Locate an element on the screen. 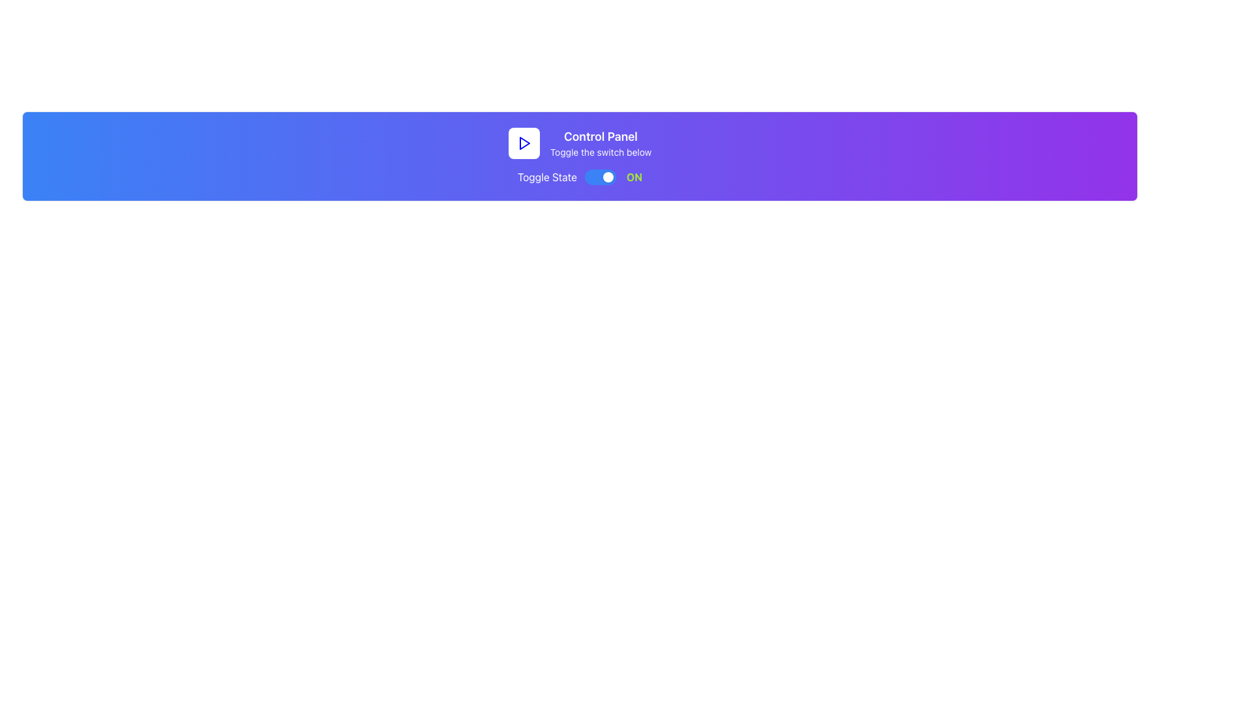 Image resolution: width=1252 pixels, height=704 pixels. instruction from the text label displaying 'Toggle the switch below', which is styled in white color and positioned under the 'Control Panel' title is located at coordinates (600, 152).